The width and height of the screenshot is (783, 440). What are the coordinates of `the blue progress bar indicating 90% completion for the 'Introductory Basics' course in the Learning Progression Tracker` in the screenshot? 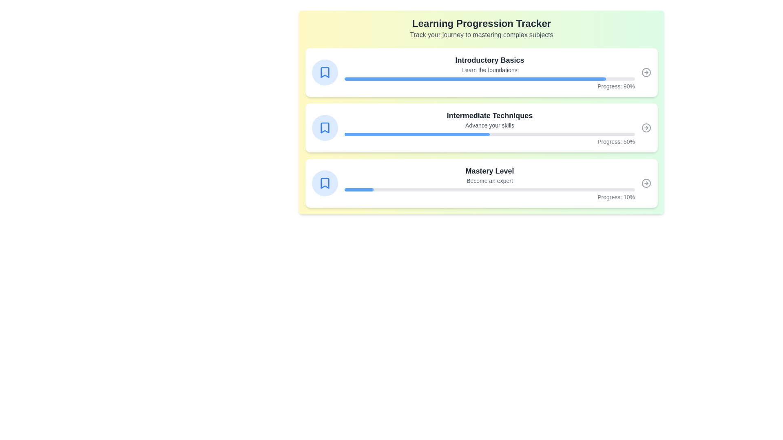 It's located at (475, 79).